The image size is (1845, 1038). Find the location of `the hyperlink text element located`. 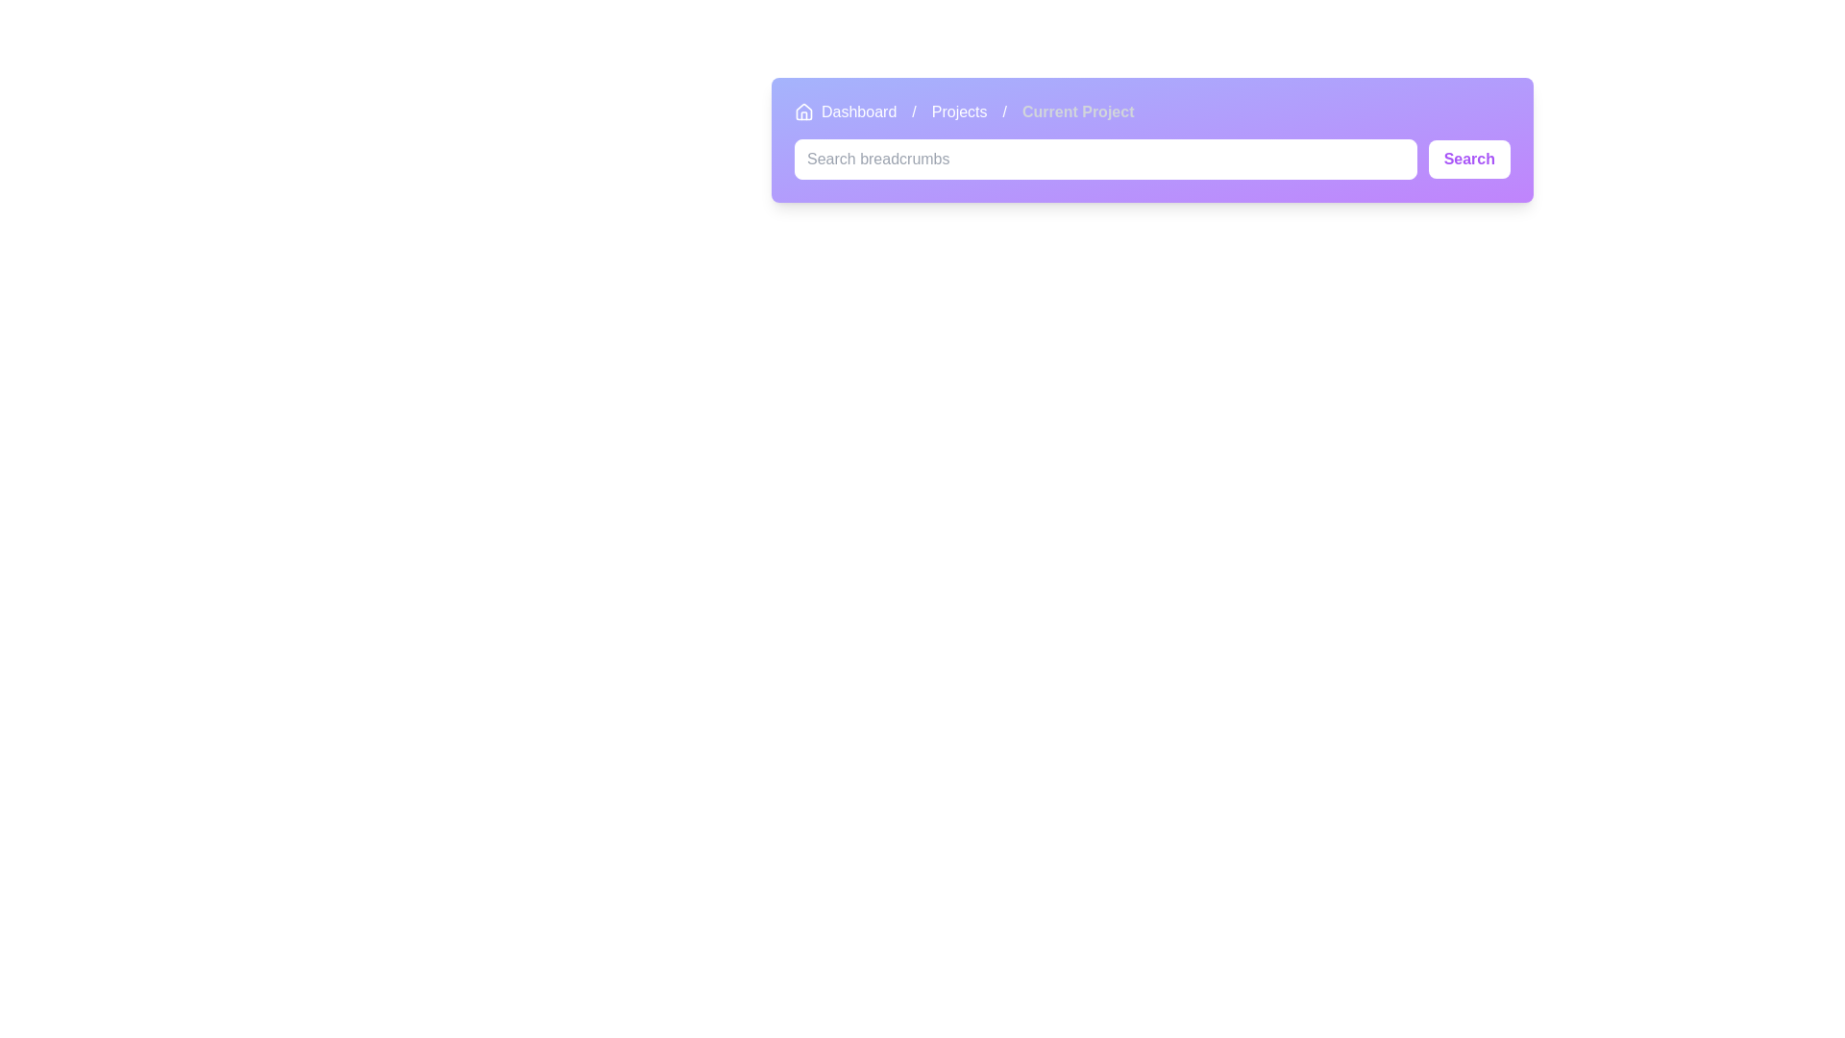

the hyperlink text element located is located at coordinates (857, 111).